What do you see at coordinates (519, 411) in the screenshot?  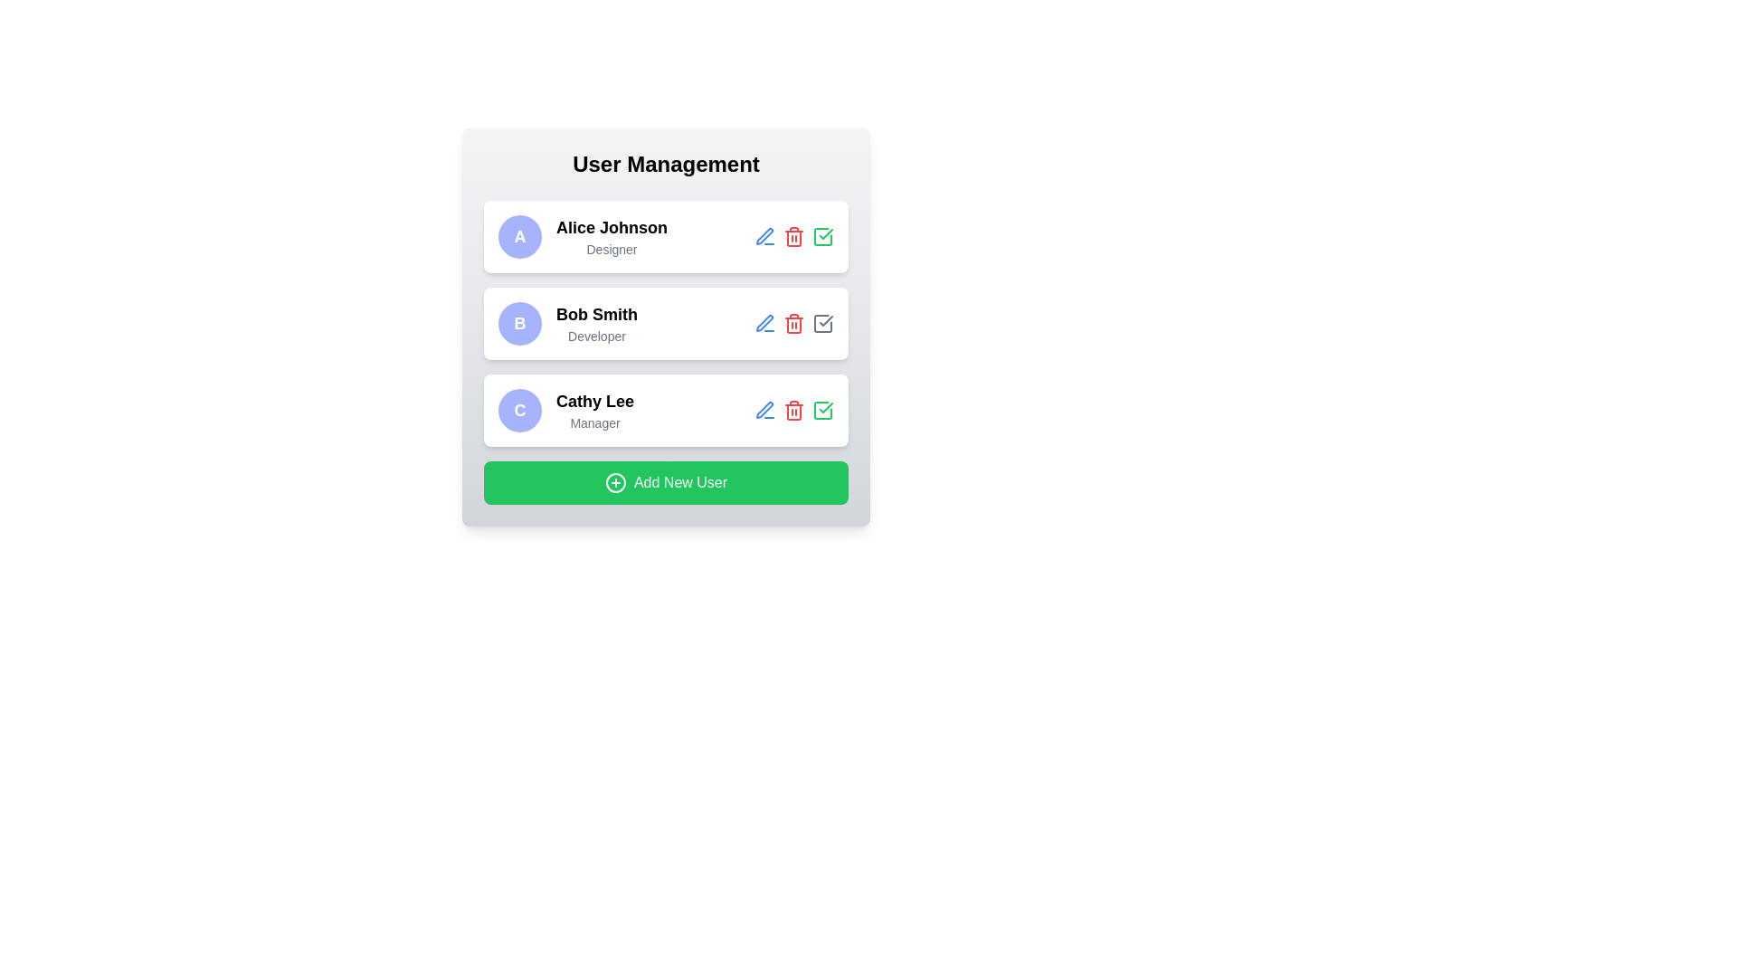 I see `the circular avatar placeholder featuring a light indigo background with a bold white letter 'C', positioned to the left of 'Cathy Lee, Manager'` at bounding box center [519, 411].